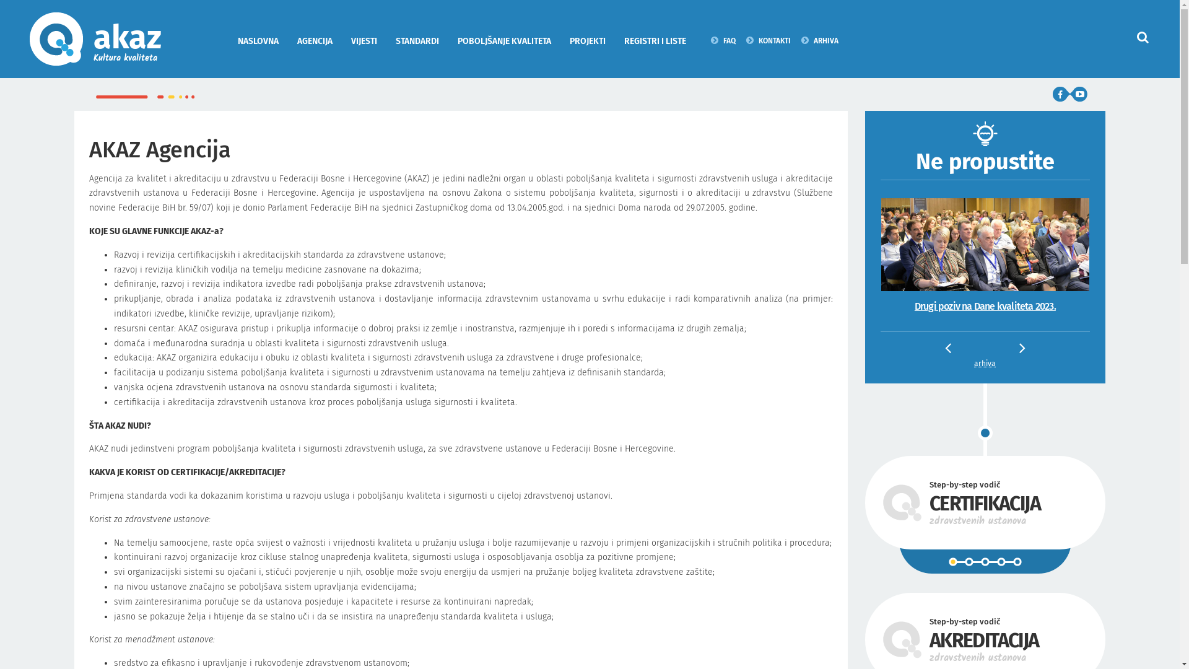 Image resolution: width=1189 pixels, height=669 pixels. What do you see at coordinates (984, 363) in the screenshot?
I see `'arhiva'` at bounding box center [984, 363].